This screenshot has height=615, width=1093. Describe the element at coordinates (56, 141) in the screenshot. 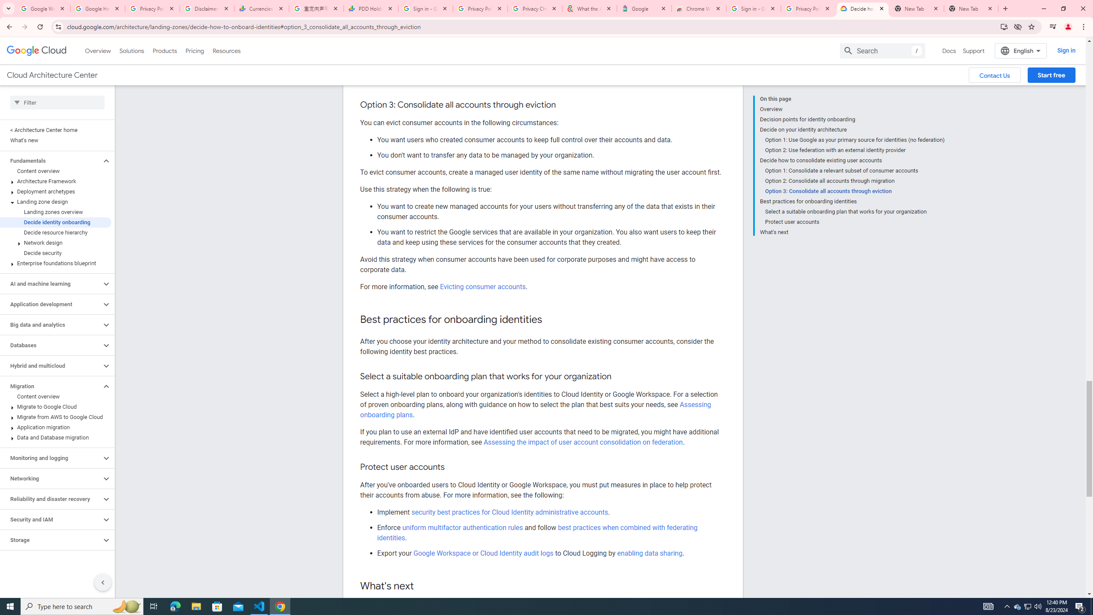

I see `'What'` at that location.